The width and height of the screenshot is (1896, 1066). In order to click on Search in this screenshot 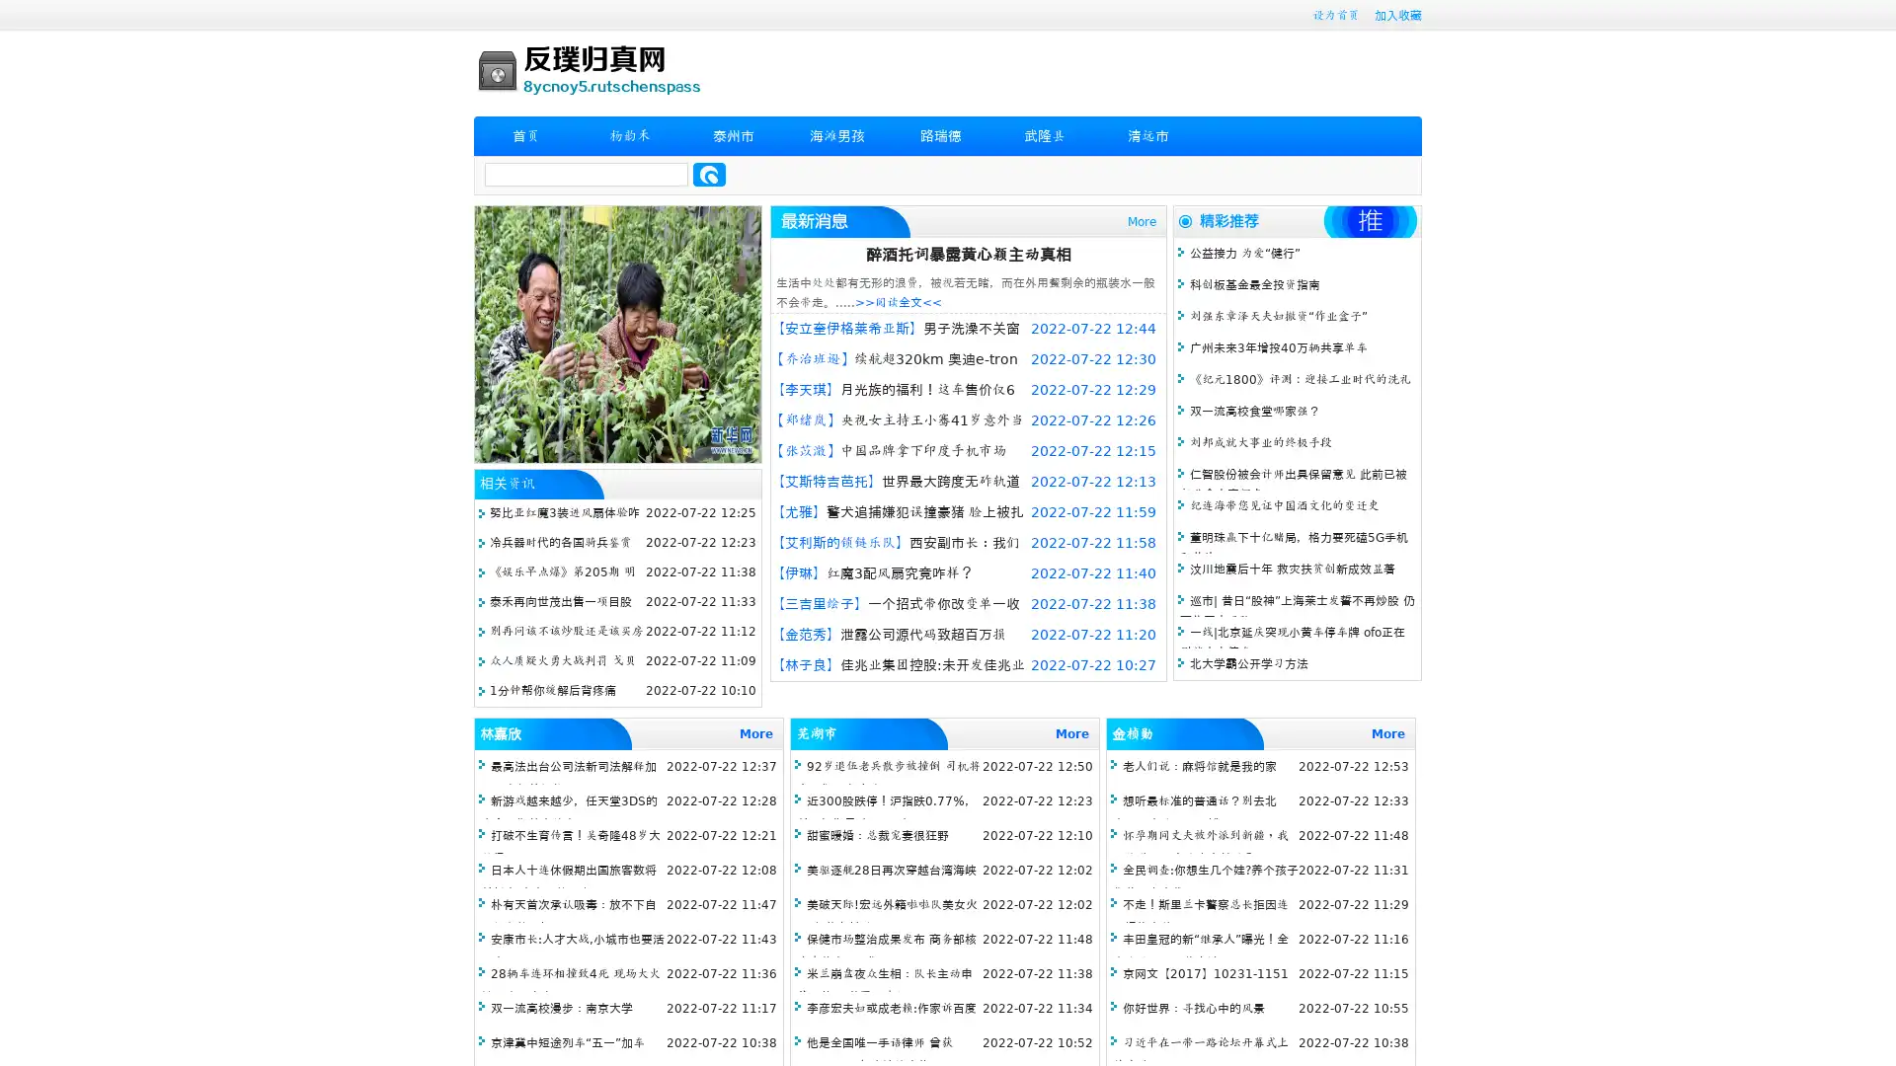, I will do `click(709, 174)`.